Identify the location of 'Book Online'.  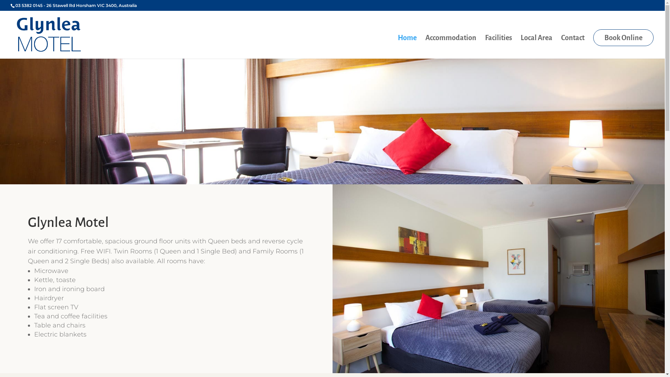
(623, 38).